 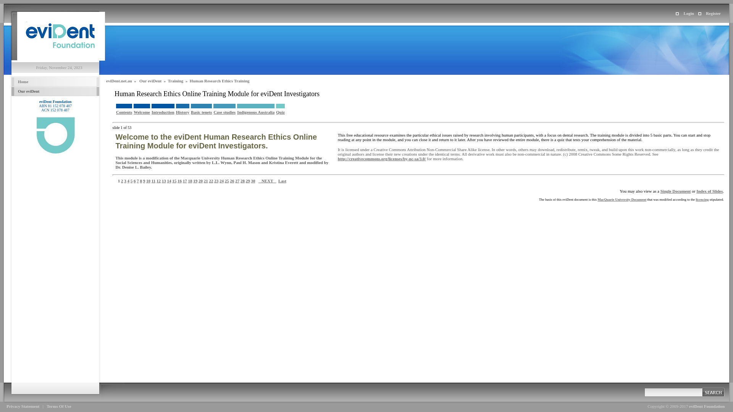 I want to click on '29', so click(x=248, y=181).